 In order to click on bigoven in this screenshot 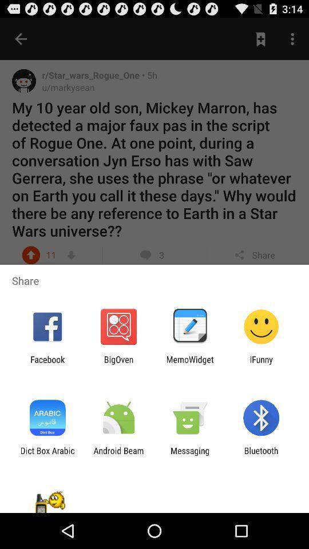, I will do `click(118, 364)`.